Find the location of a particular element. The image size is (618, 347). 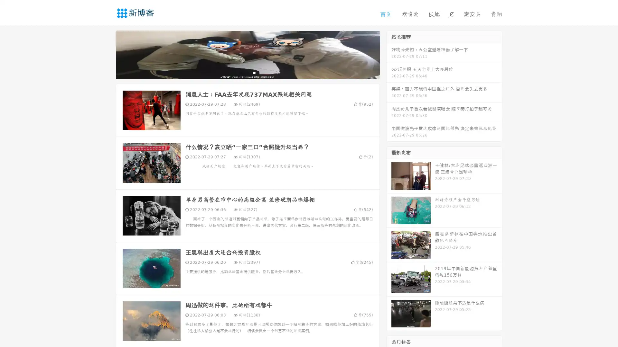

Go to slide 2 is located at coordinates (247, 72).